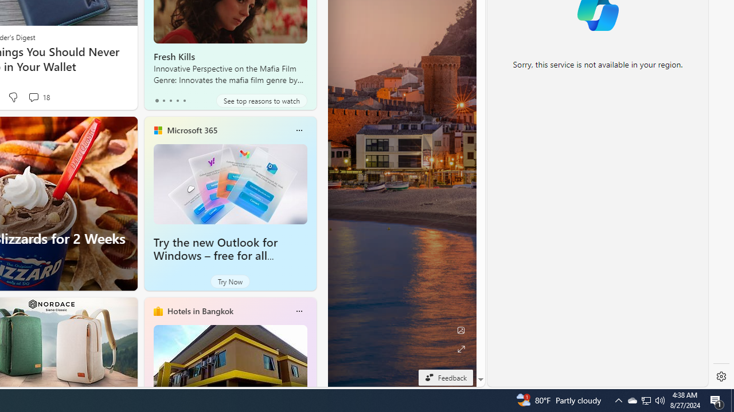  What do you see at coordinates (261, 100) in the screenshot?
I see `'See top reasons to watch'` at bounding box center [261, 100].